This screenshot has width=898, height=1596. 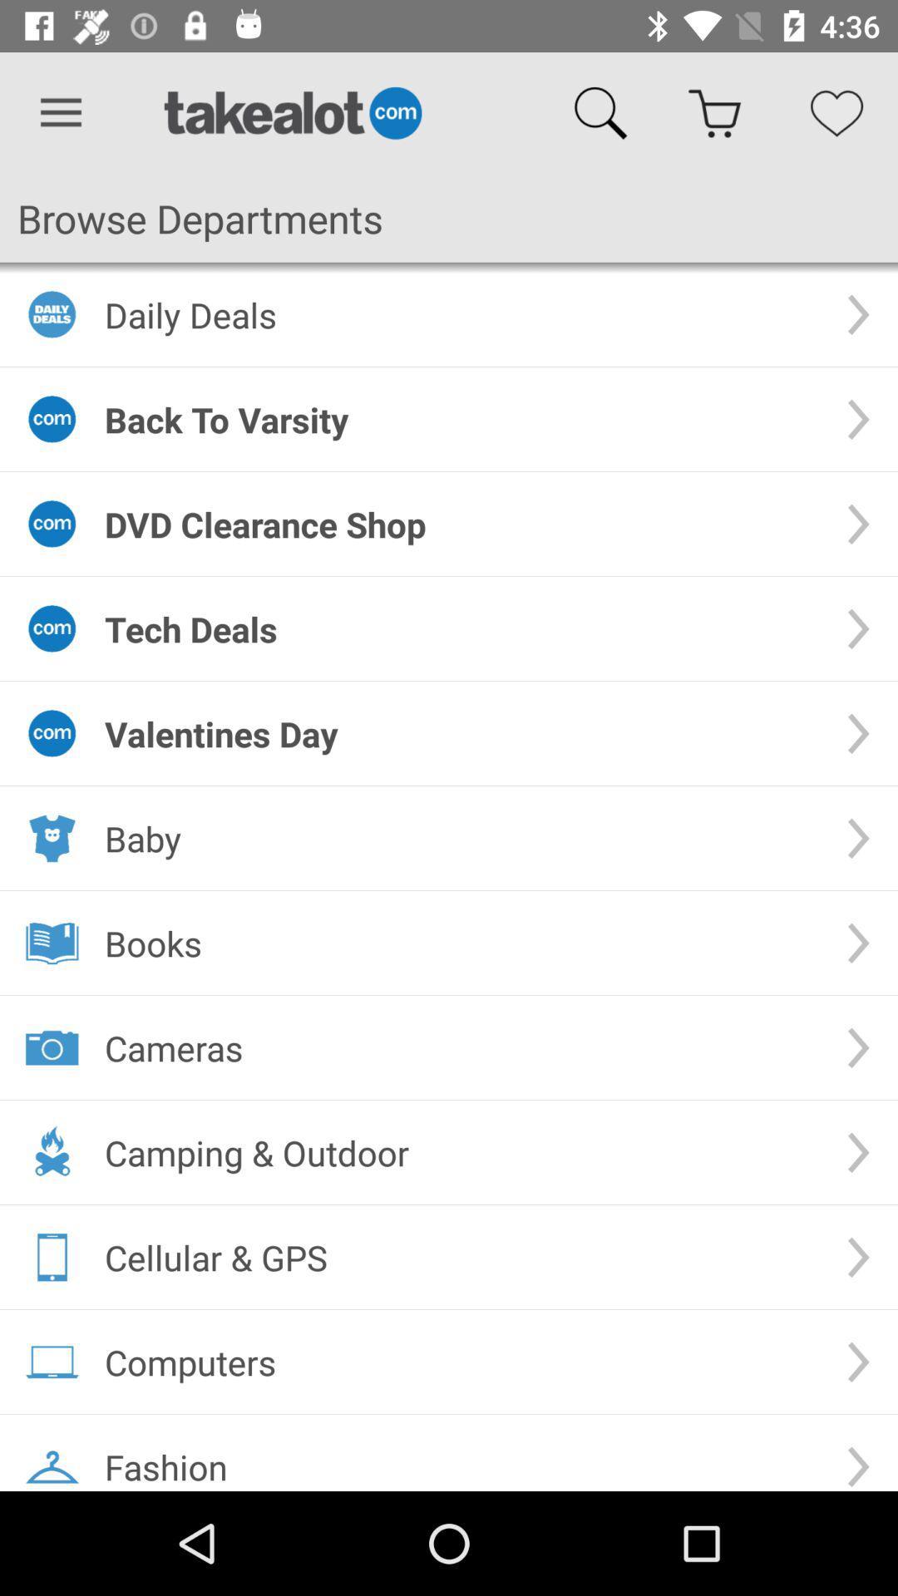 I want to click on cellular & gps icon, so click(x=461, y=1257).